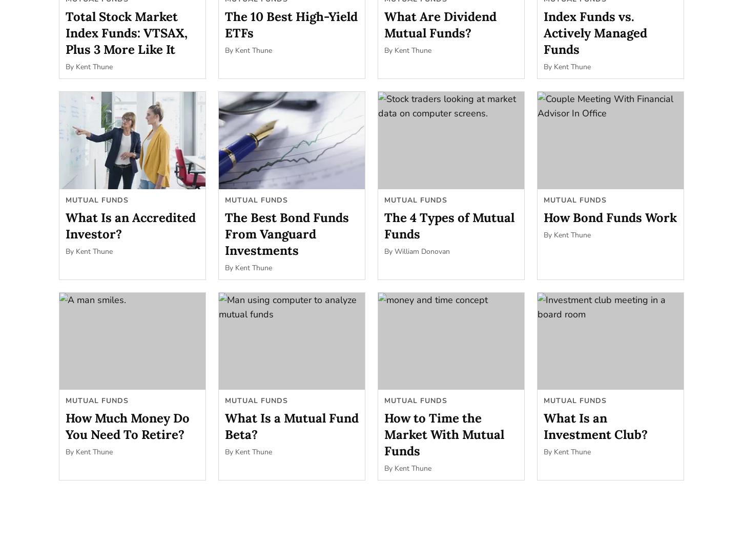  I want to click on 'What Is a Mutual Fund Beta?', so click(292, 426).